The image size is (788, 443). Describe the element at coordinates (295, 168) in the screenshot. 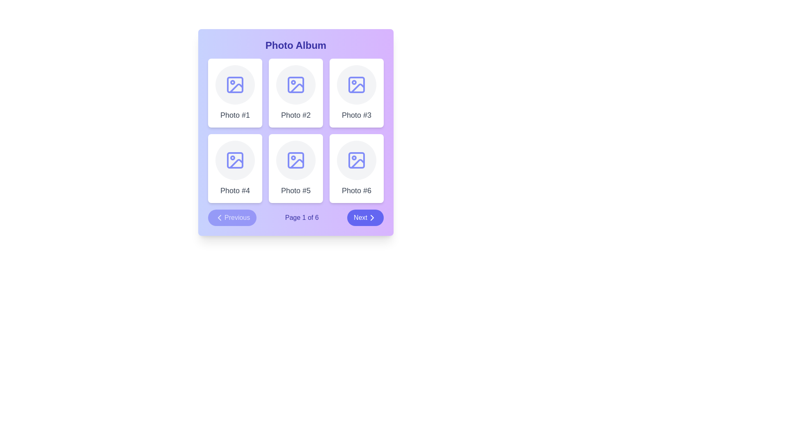

I see `the photo card located in the second row, second column of the 'Photo Album' grid` at that location.